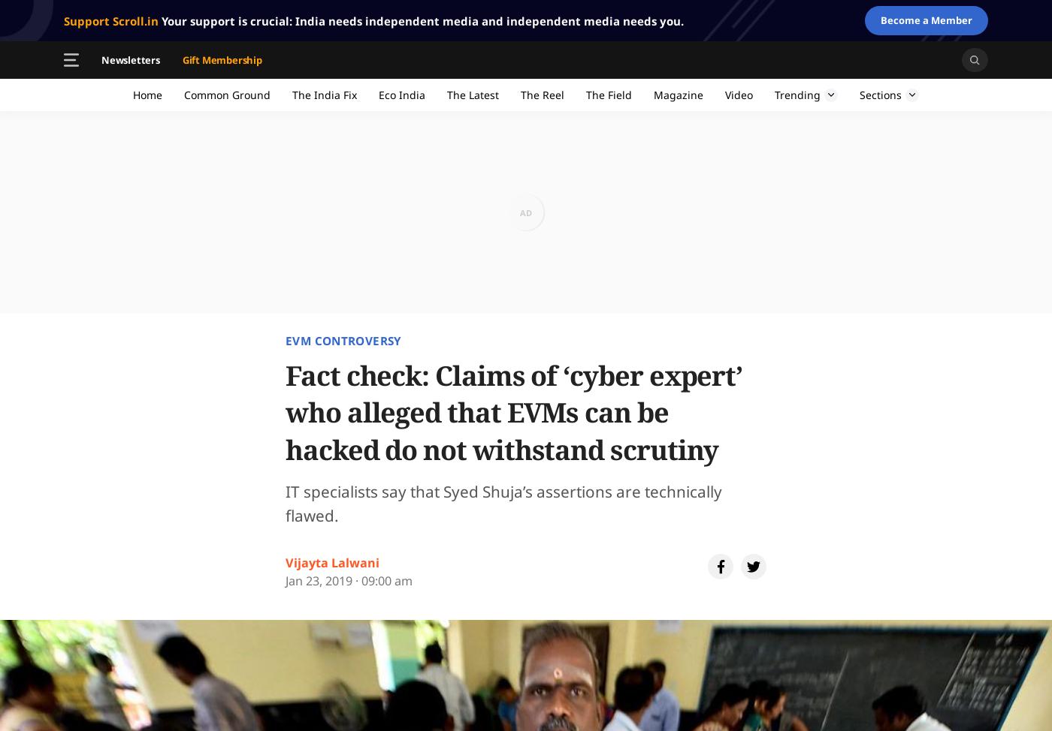  I want to click on 'The Field', so click(609, 94).